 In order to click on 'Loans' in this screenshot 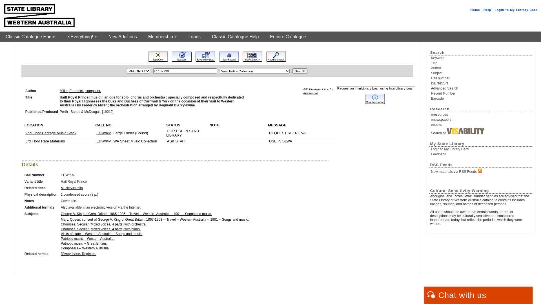, I will do `click(194, 37)`.